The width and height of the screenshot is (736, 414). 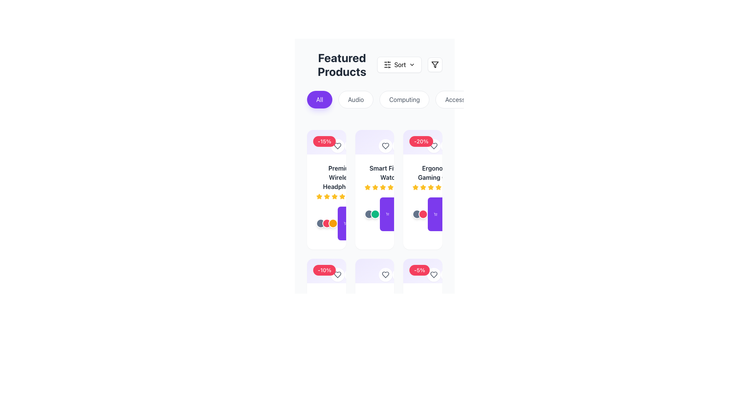 What do you see at coordinates (375, 189) in the screenshot?
I see `star rating for reviews on the product card showcasing the 'Smart Fitness Watch', which is the second card in the top row of the 'Featured Products' section` at bounding box center [375, 189].